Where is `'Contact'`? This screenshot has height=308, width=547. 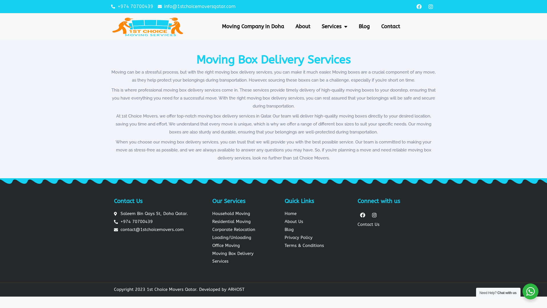
'Contact' is located at coordinates (390, 26).